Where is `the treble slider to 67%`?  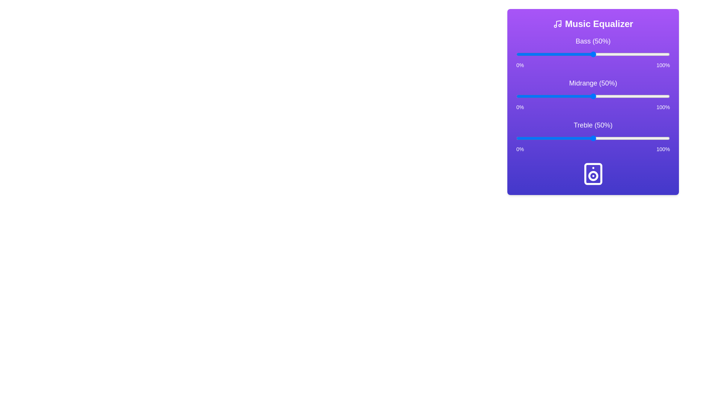
the treble slider to 67% is located at coordinates (619, 138).